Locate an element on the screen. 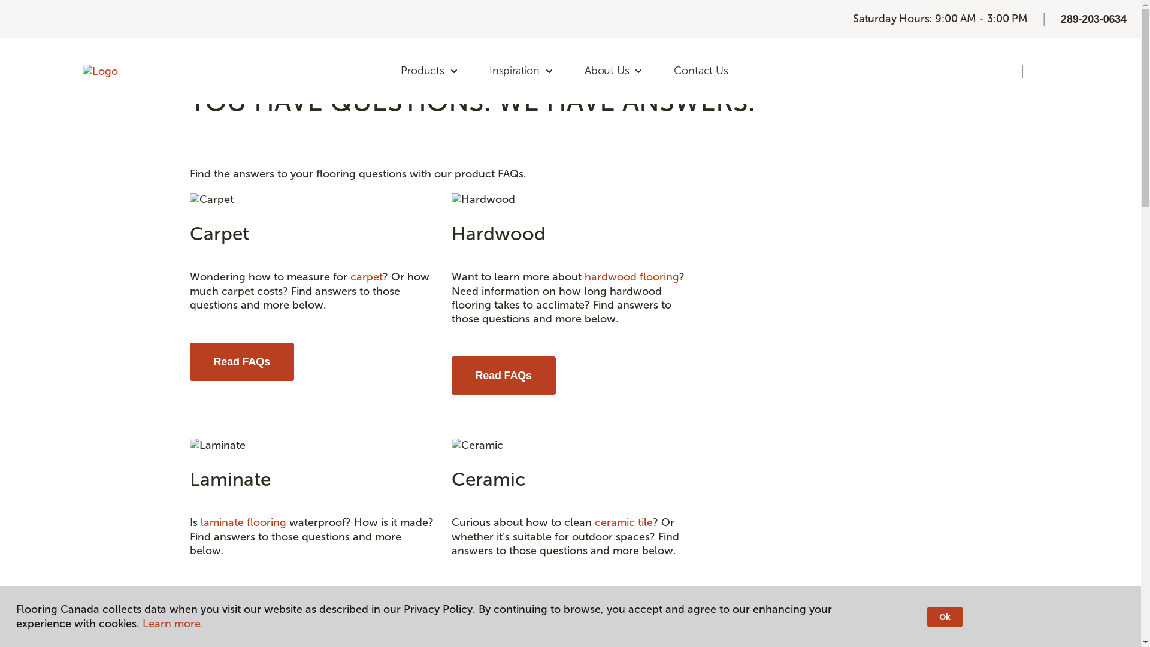 The width and height of the screenshot is (1150, 647). 'Read FAQs' is located at coordinates (241, 607).